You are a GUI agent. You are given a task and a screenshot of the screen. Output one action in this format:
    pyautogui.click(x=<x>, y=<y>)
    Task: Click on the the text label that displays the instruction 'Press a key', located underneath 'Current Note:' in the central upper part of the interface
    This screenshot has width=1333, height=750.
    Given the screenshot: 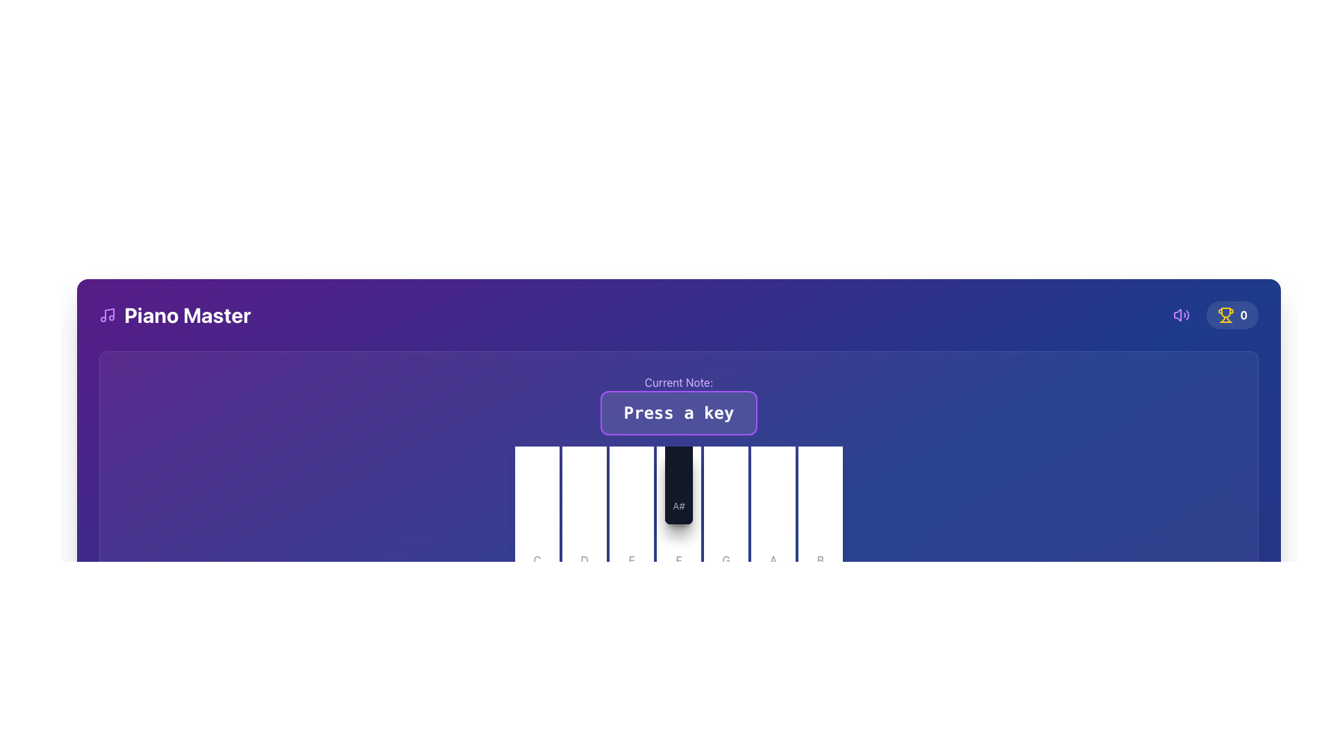 What is the action you would take?
    pyautogui.click(x=679, y=412)
    